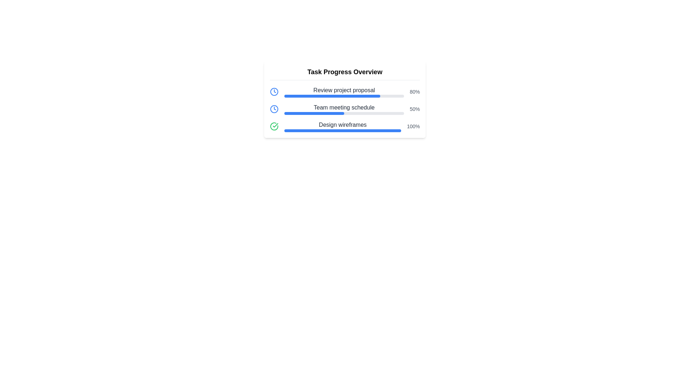  What do you see at coordinates (274, 91) in the screenshot?
I see `the blue ring that serves as the decorative border of the clock symbol SVG icon, located next to the 'Team meeting schedule' text in the 'Task Progress Overview' card` at bounding box center [274, 91].